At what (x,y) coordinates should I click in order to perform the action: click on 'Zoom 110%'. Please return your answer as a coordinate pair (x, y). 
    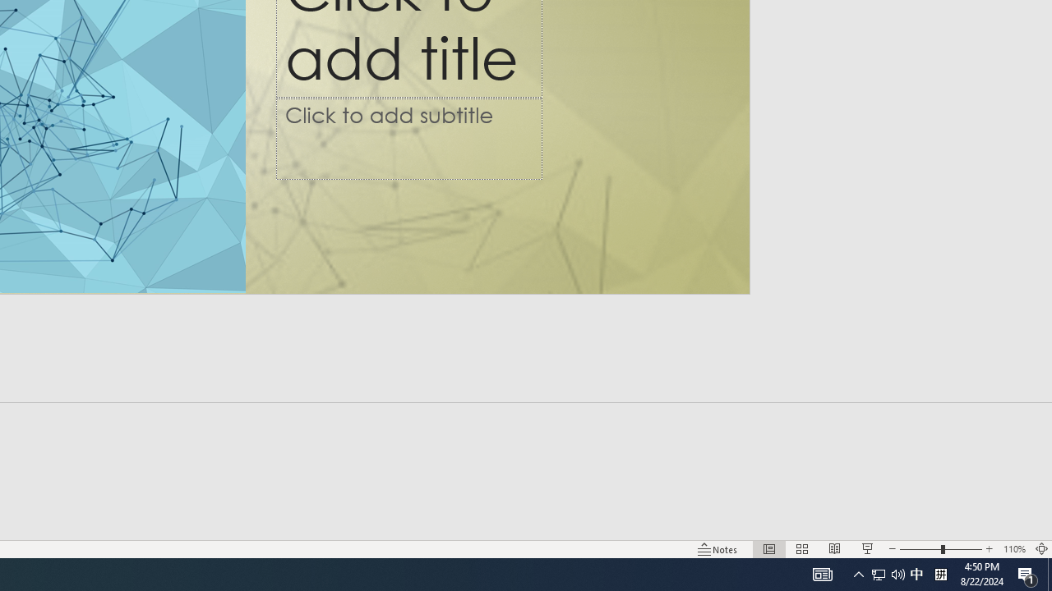
    Looking at the image, I should click on (1013, 549).